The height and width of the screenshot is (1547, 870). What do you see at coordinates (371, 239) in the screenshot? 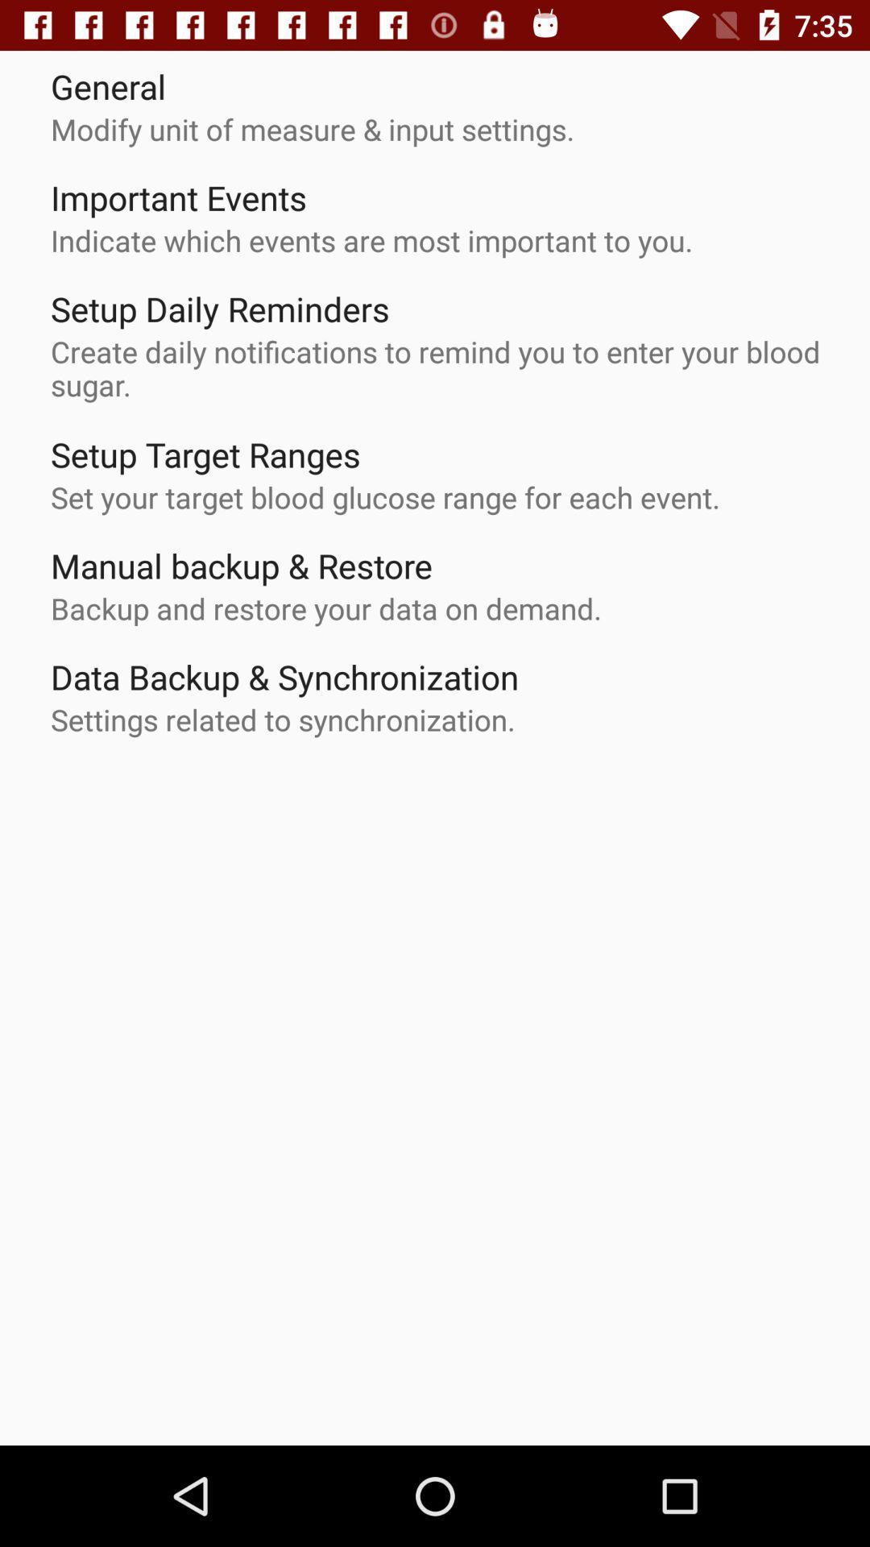
I see `indicate which events icon` at bounding box center [371, 239].